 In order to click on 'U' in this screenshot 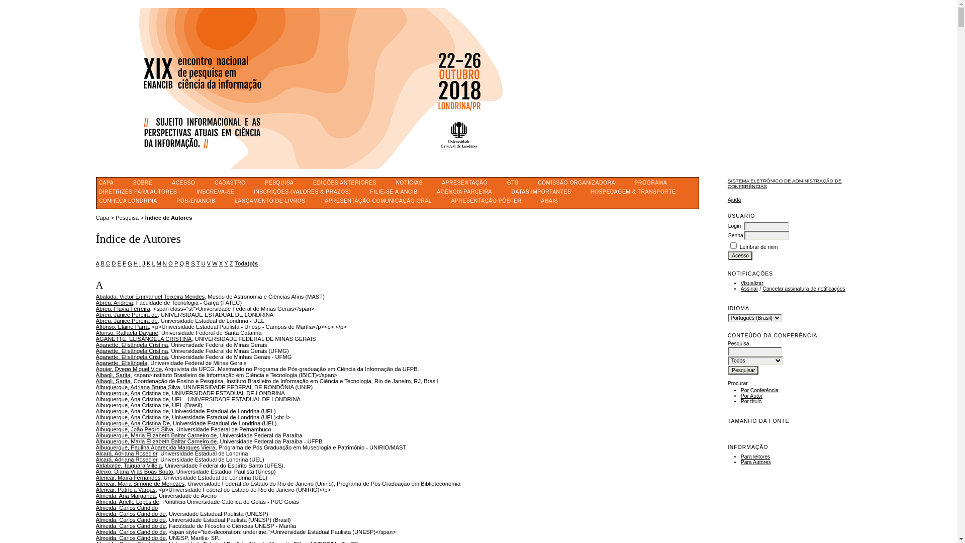, I will do `click(202, 263)`.